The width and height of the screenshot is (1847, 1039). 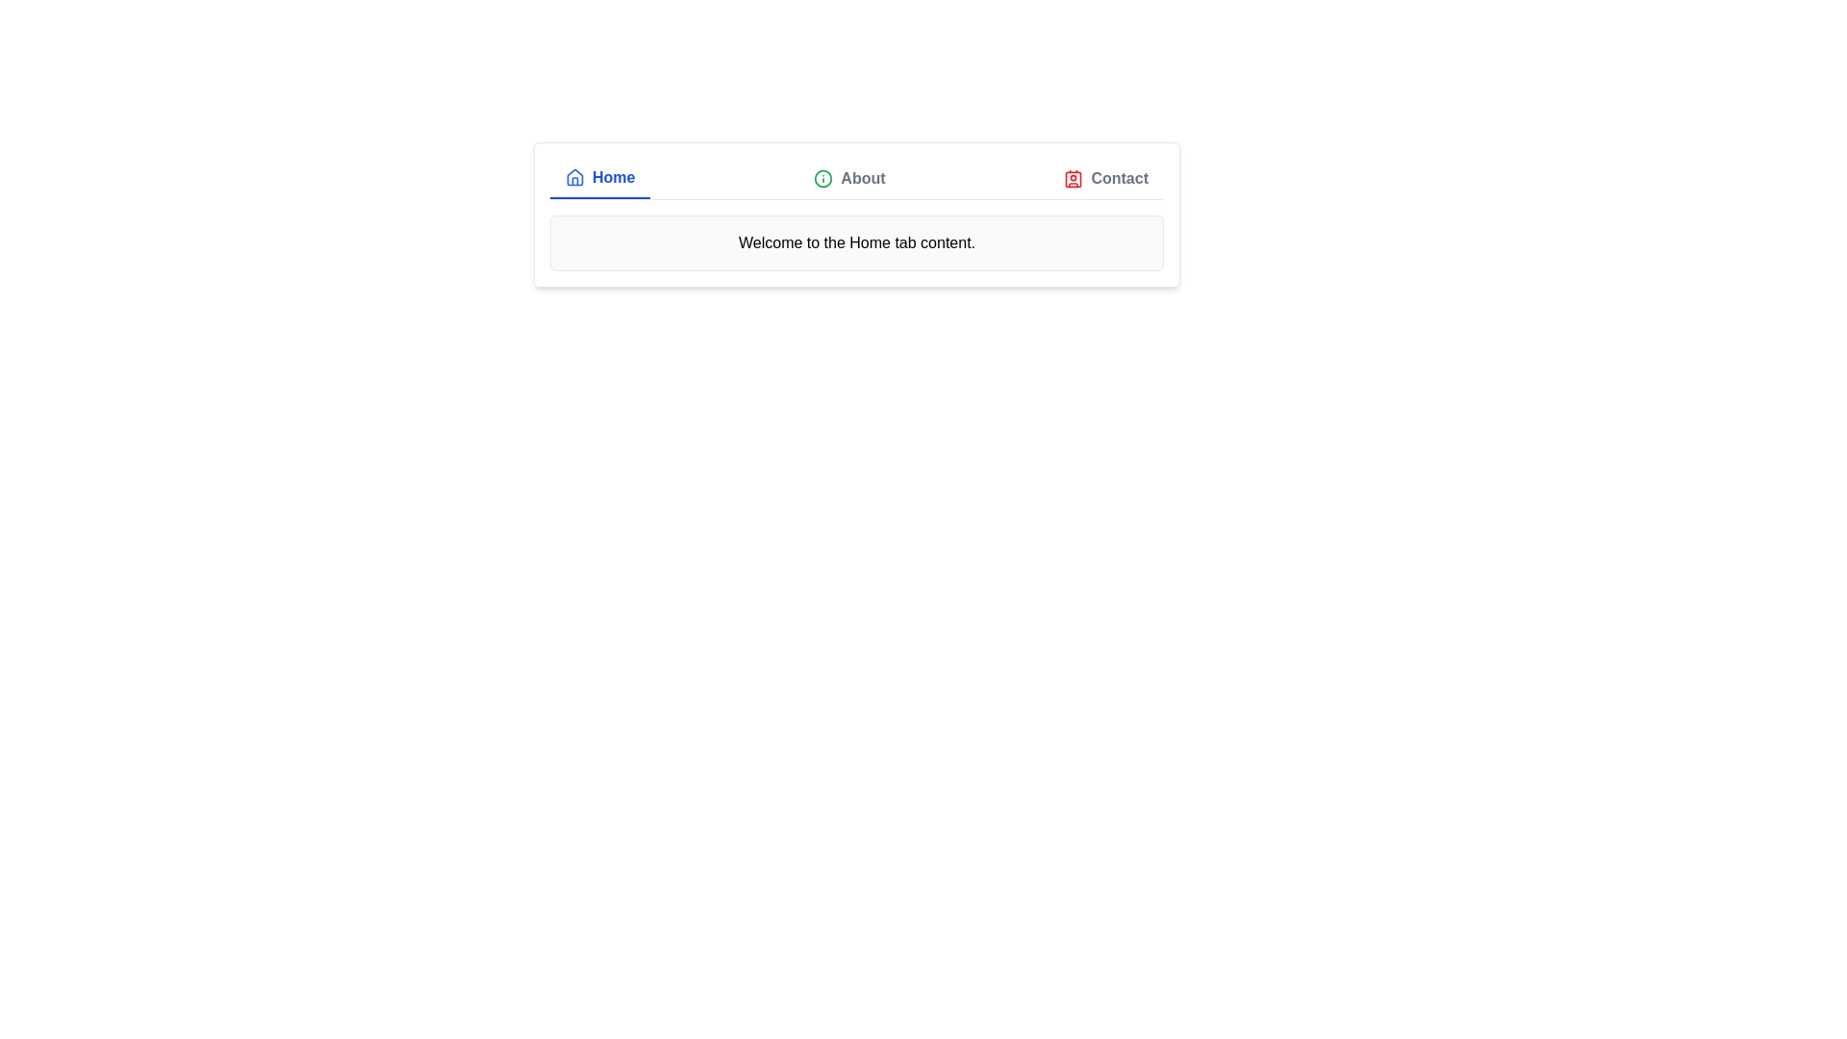 What do you see at coordinates (613, 178) in the screenshot?
I see `the text label that serves as the navigation link to the main page of the application, located on the left side of the navigation bar, to the right of the house-shaped icon` at bounding box center [613, 178].